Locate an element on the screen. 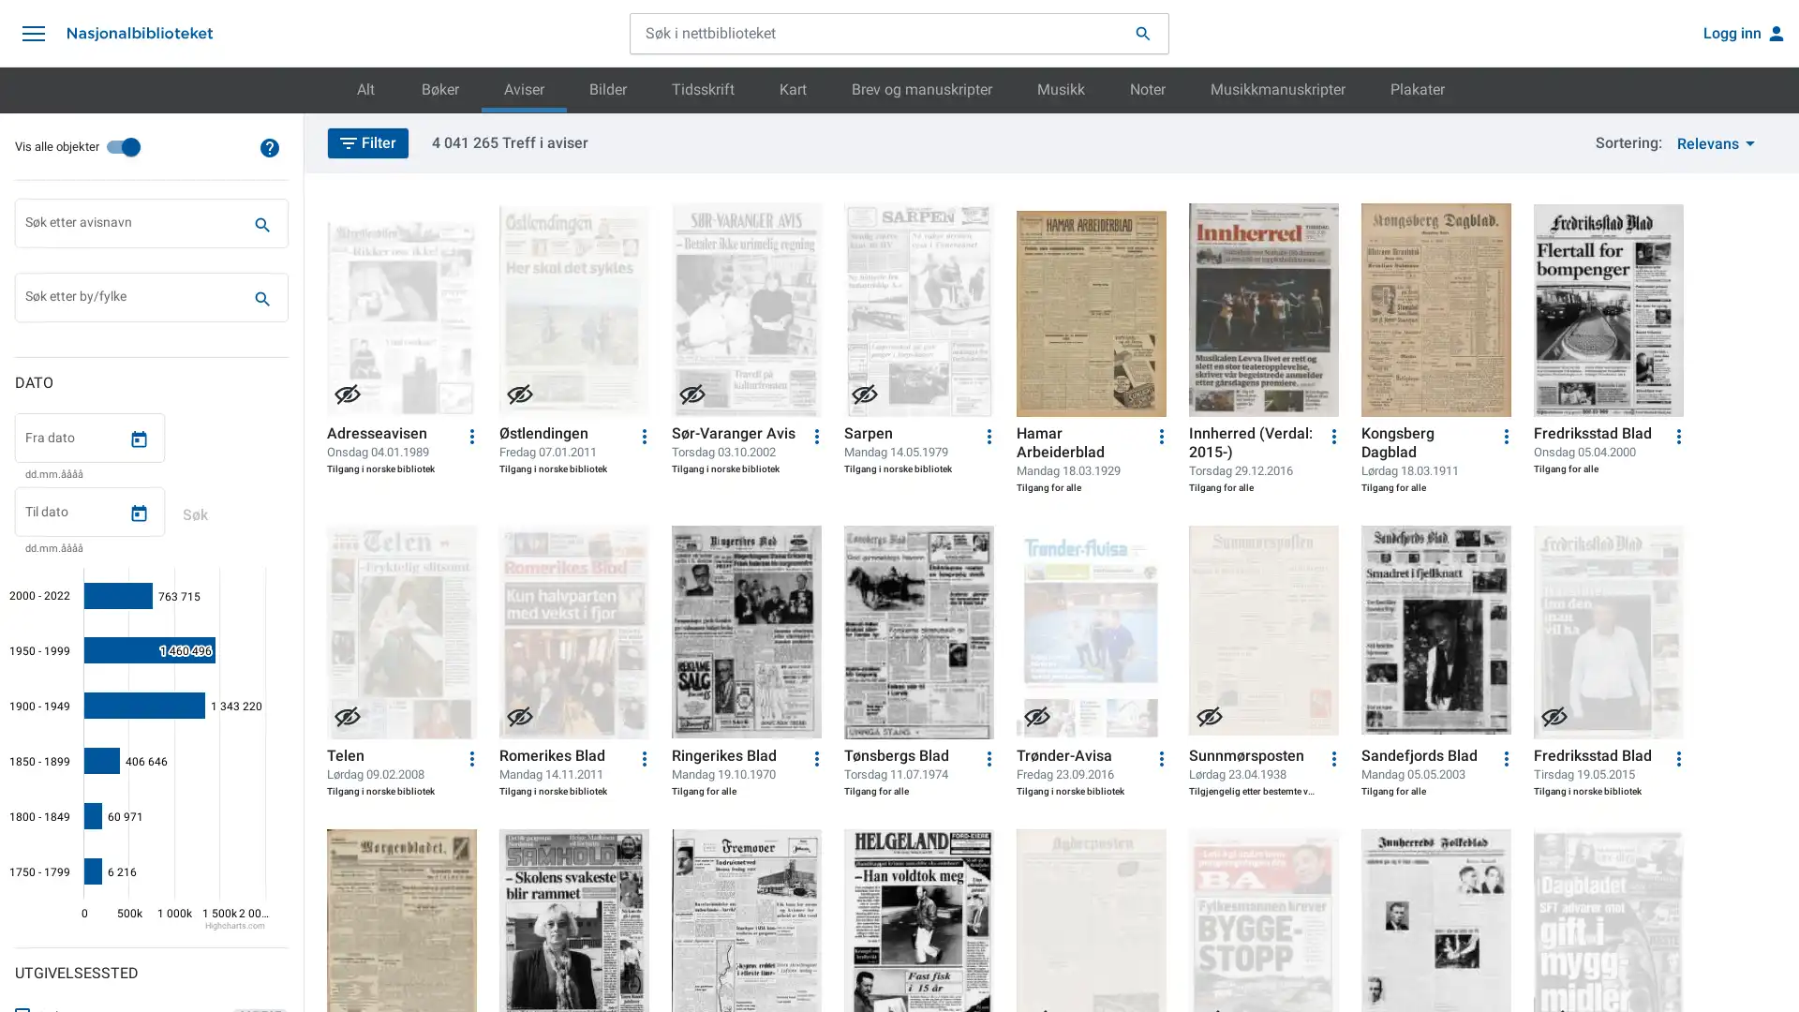 Image resolution: width=1799 pixels, height=1012 pixels. Hjelp om alle objekter is located at coordinates (269, 146).